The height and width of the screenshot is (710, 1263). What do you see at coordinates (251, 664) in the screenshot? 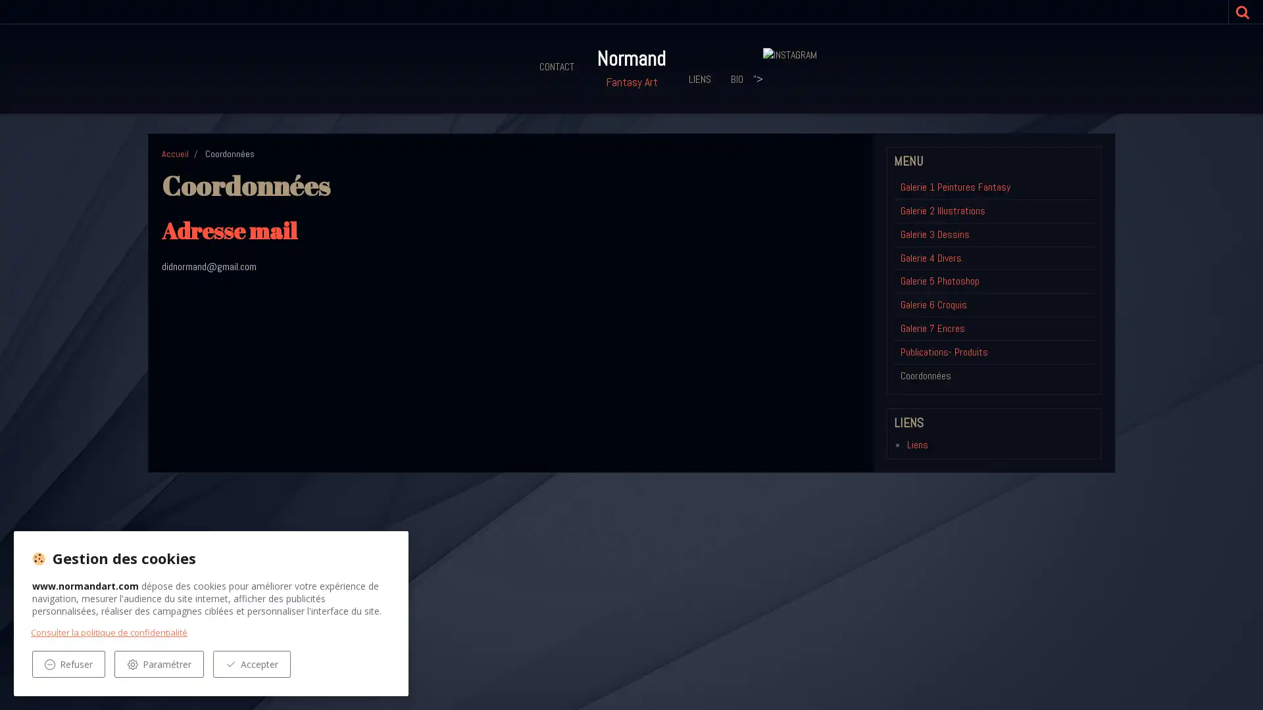
I see `Accepter` at bounding box center [251, 664].